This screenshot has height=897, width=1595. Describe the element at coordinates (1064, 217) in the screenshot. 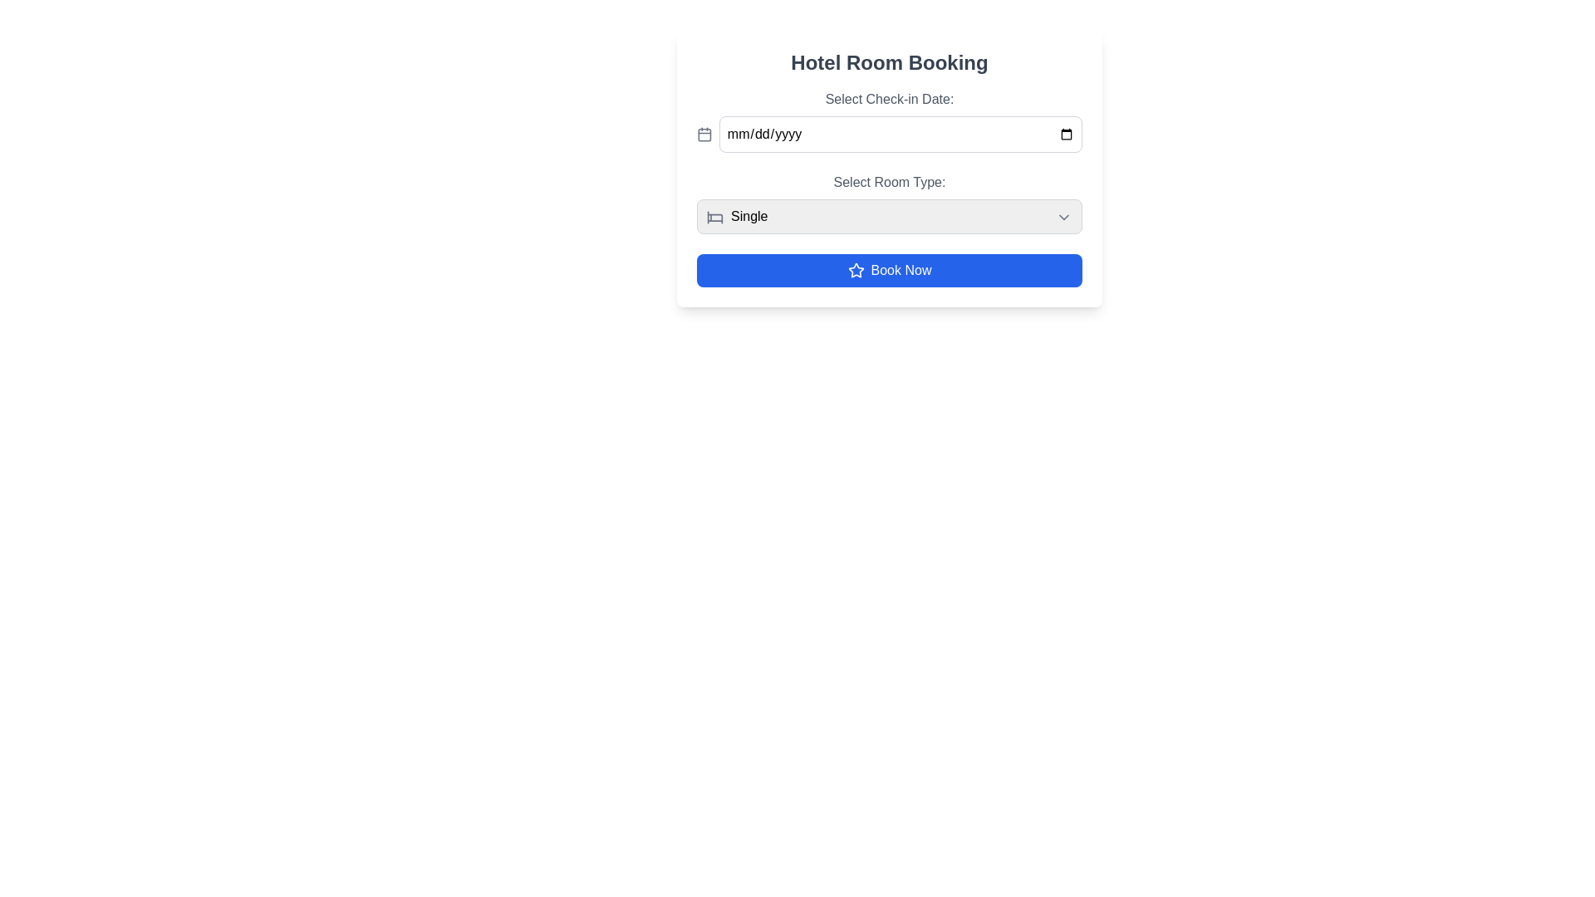

I see `the Dropdown Chevron Icon located in the top-right corner of the 'Select Room Type' input box` at that location.